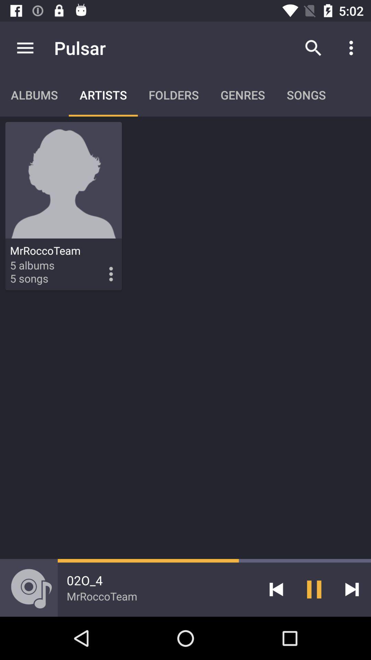 This screenshot has width=371, height=660. What do you see at coordinates (313, 47) in the screenshot?
I see `item above the songs icon` at bounding box center [313, 47].